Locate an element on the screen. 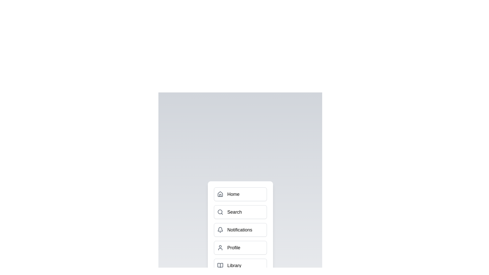 Image resolution: width=489 pixels, height=275 pixels. the menu item button labeled Home to toggle its submenu is located at coordinates (240, 194).